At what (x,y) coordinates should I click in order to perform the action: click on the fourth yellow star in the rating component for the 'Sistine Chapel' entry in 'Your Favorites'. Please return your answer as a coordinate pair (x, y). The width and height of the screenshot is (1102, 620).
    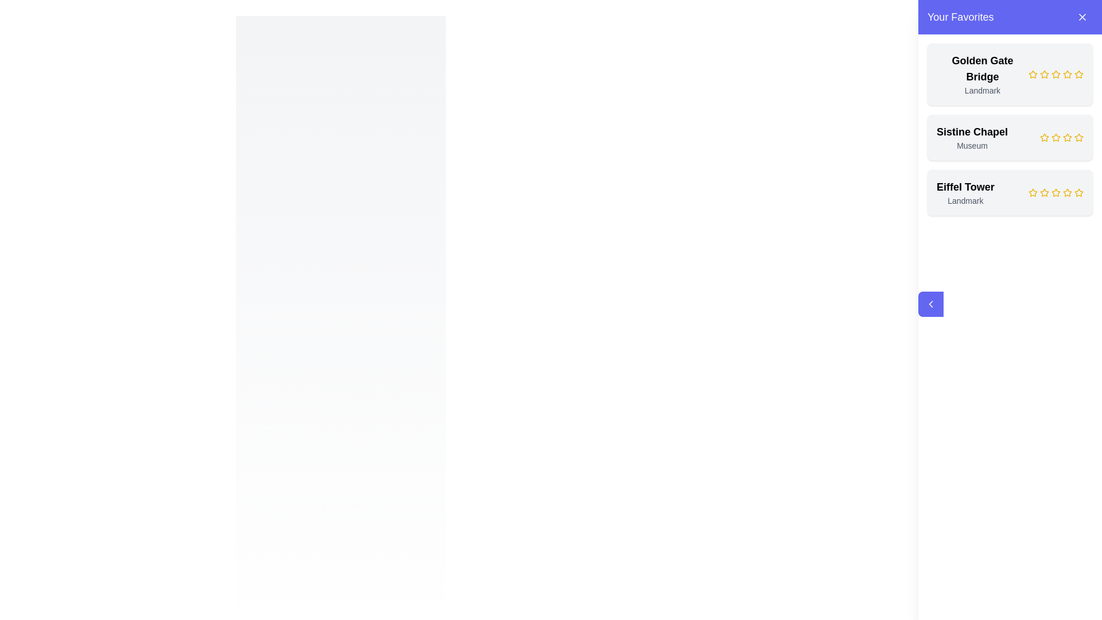
    Looking at the image, I should click on (1061, 137).